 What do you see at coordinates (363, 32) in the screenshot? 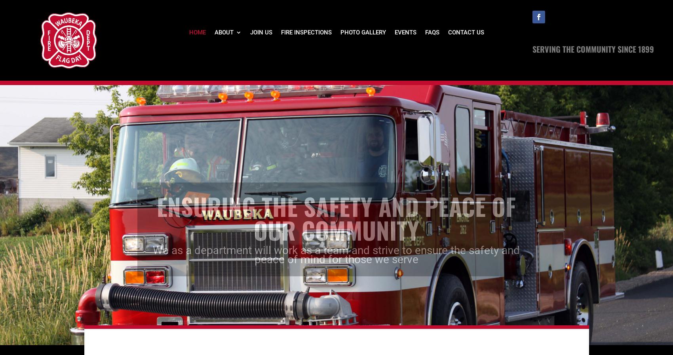
I see `'Photo Gallery'` at bounding box center [363, 32].